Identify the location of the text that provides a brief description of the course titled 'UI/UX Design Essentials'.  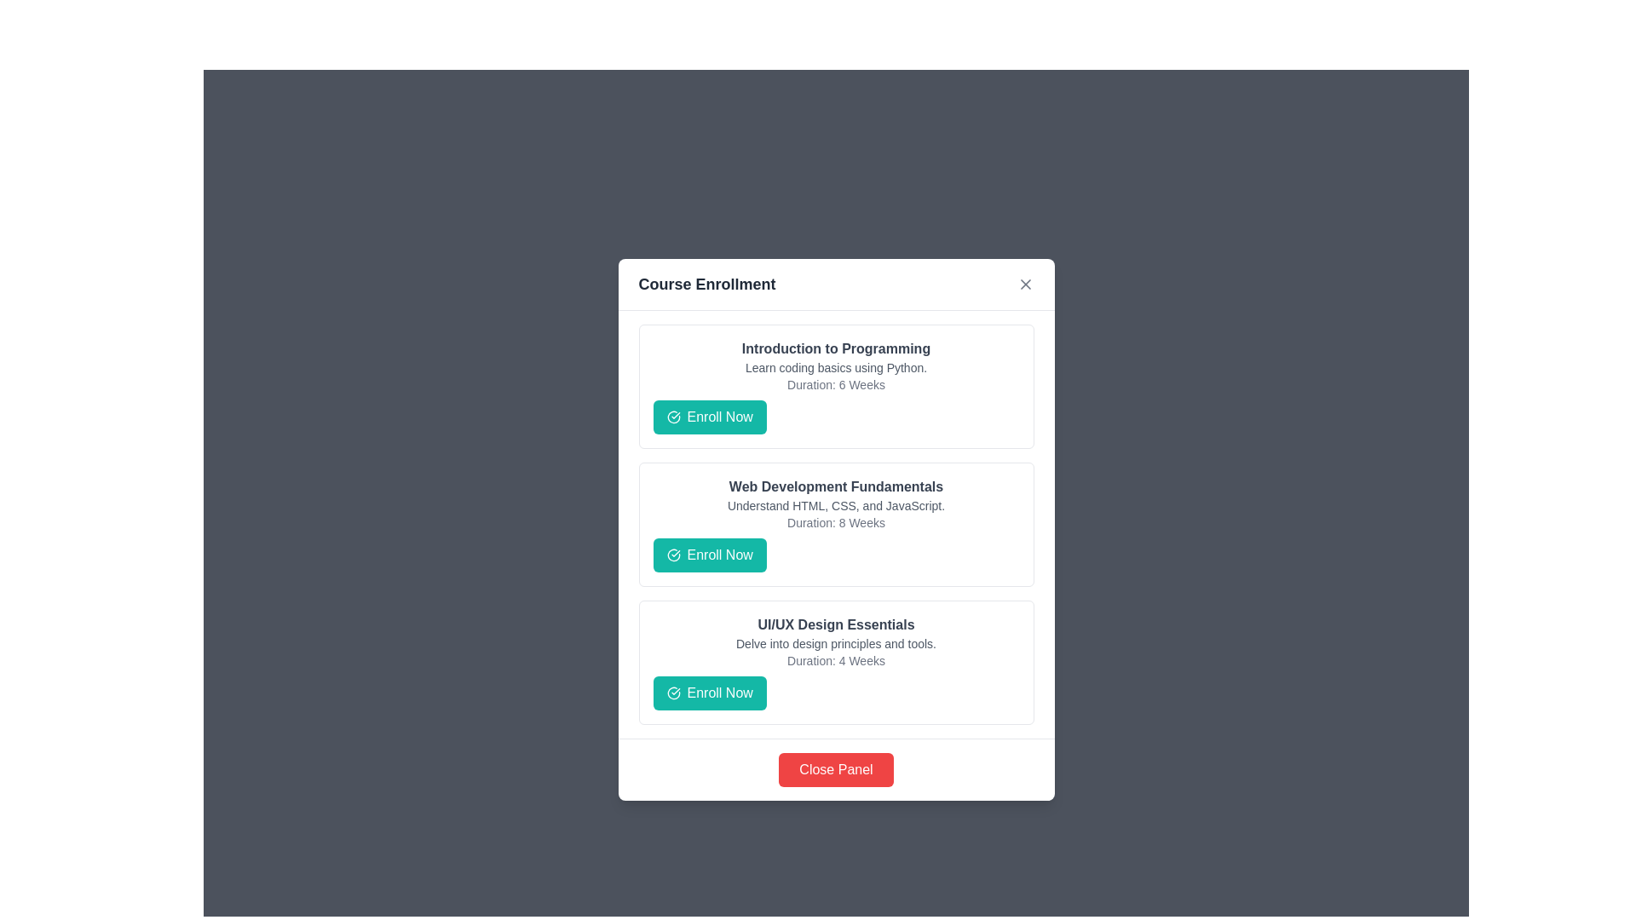
(836, 644).